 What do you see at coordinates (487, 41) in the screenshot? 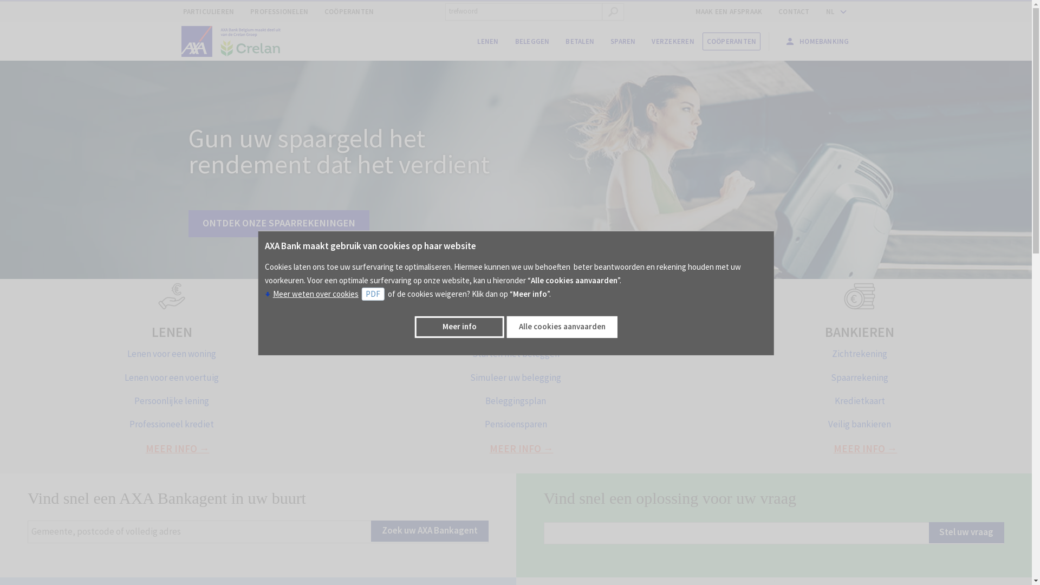
I see `'LENEN'` at bounding box center [487, 41].